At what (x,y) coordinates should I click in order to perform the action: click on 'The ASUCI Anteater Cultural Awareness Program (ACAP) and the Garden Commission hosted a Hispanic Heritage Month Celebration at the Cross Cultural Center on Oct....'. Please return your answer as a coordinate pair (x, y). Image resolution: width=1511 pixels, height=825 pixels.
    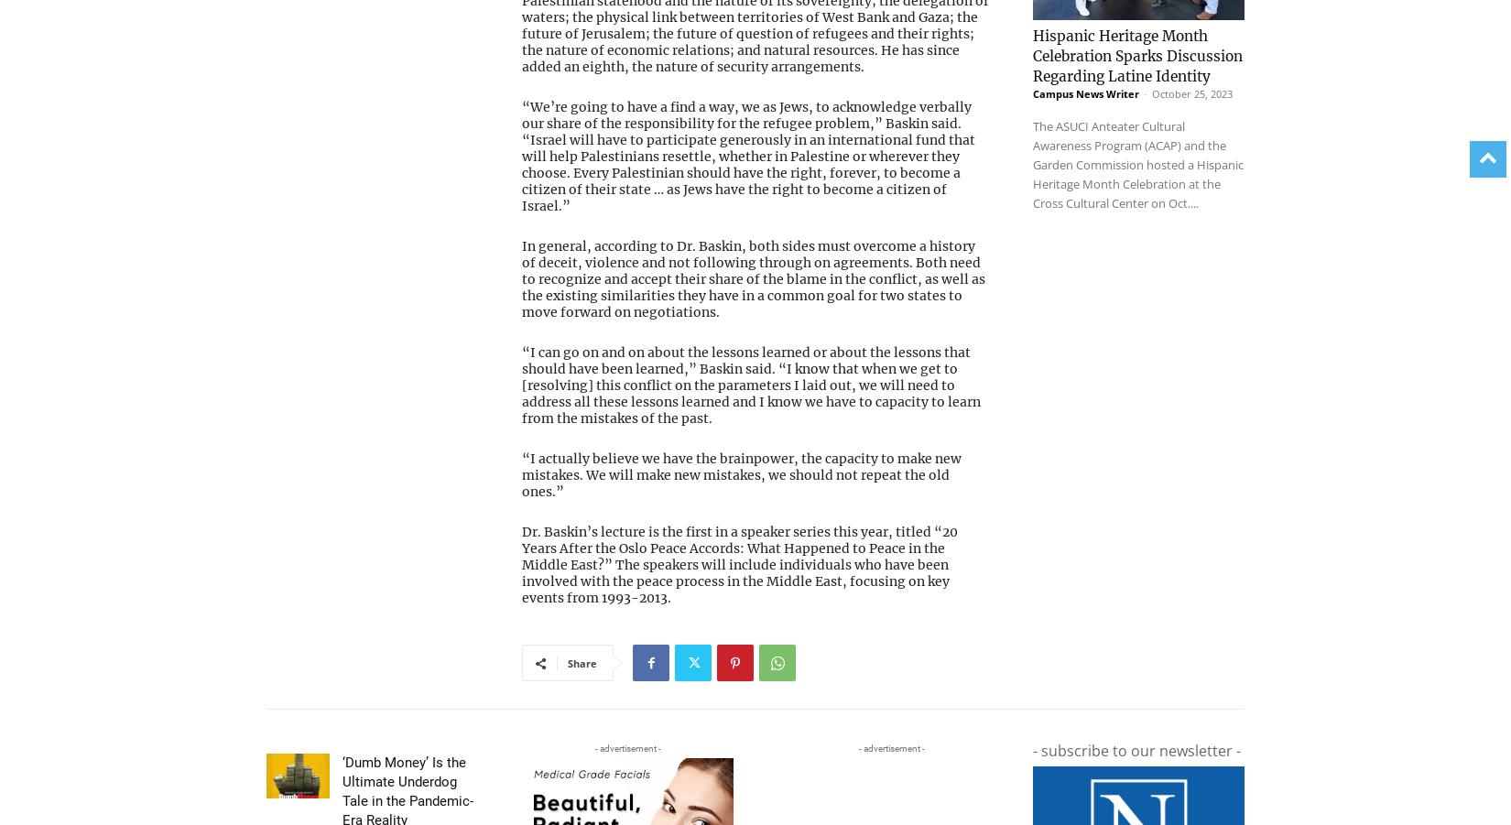
    Looking at the image, I should click on (1032, 127).